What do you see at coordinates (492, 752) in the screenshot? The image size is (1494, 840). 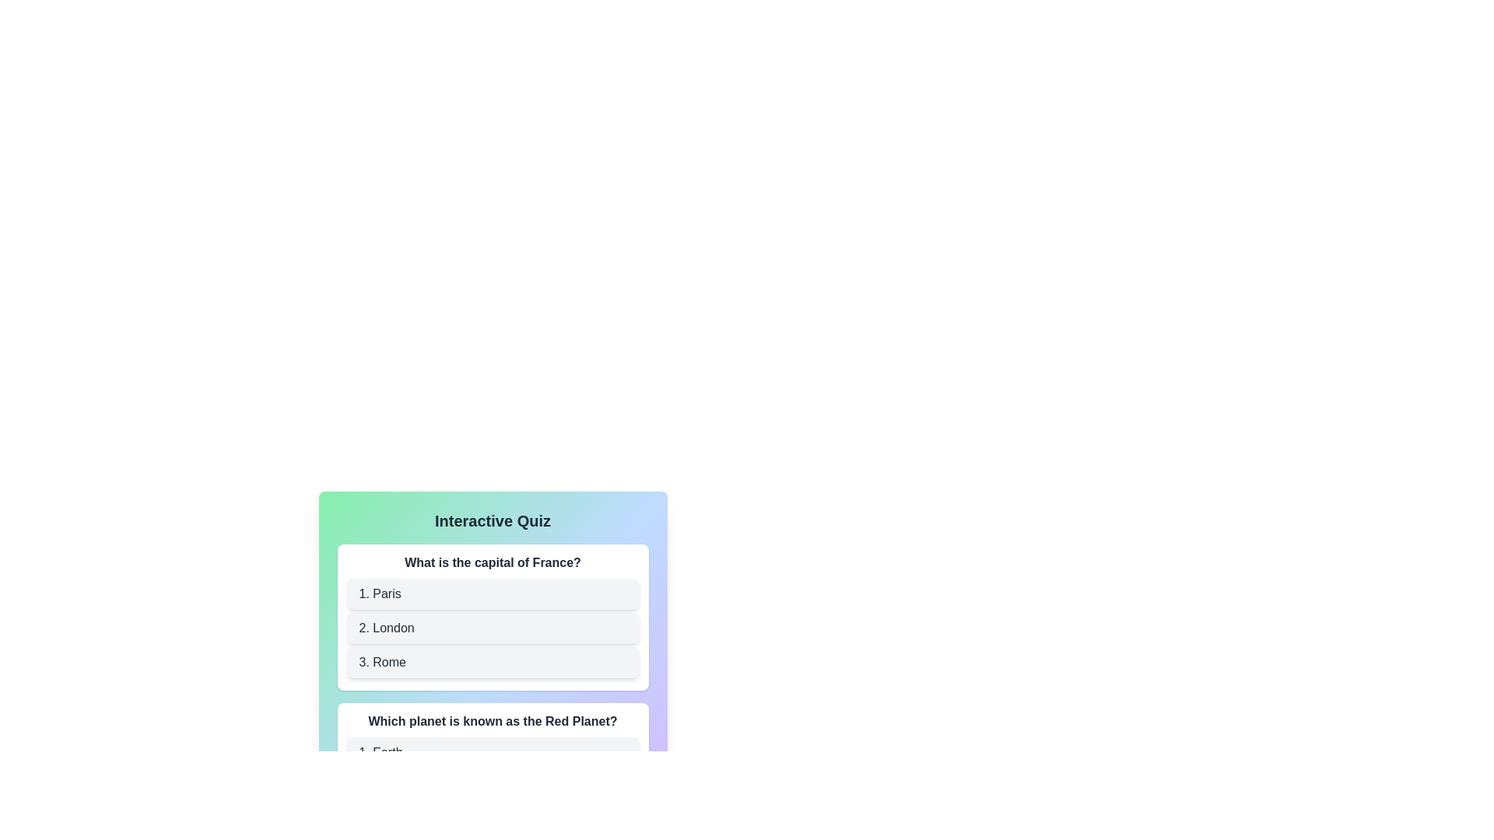 I see `the first option button for the quiz question 'Which planet is known as the Red Planet?'` at bounding box center [492, 752].